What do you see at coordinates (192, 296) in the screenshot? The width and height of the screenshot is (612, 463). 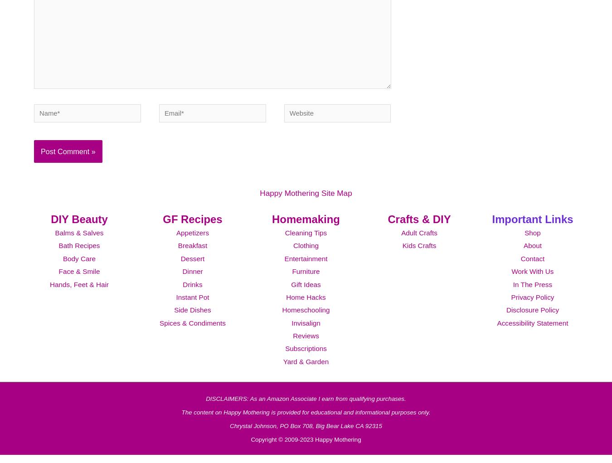 I see `'Drinks'` at bounding box center [192, 296].